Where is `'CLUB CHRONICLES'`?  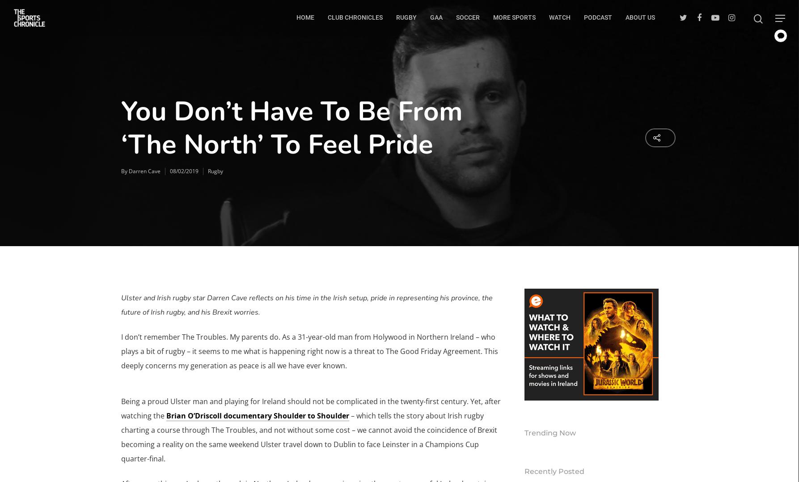
'CLUB CHRONICLES' is located at coordinates (355, 17).